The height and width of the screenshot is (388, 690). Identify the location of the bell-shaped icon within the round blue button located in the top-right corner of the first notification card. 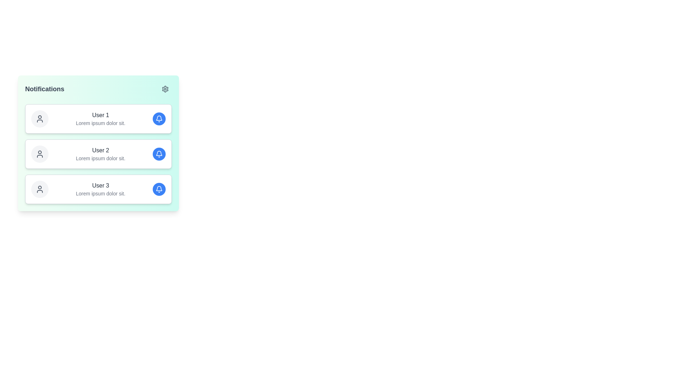
(158, 119).